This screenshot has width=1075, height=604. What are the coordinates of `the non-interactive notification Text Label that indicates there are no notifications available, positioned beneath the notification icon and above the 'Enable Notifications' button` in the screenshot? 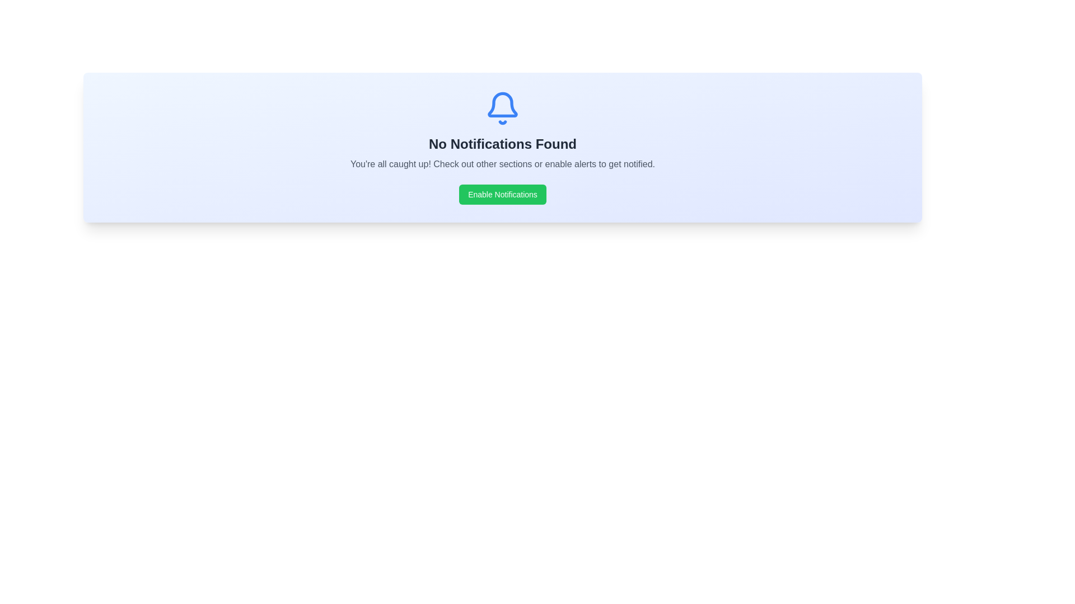 It's located at (502, 144).